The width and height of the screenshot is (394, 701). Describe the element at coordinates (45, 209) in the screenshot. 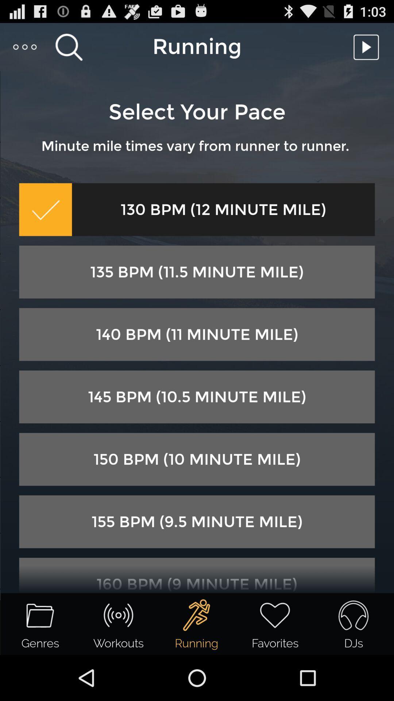

I see `icon to the left of 130 bpm 12` at that location.